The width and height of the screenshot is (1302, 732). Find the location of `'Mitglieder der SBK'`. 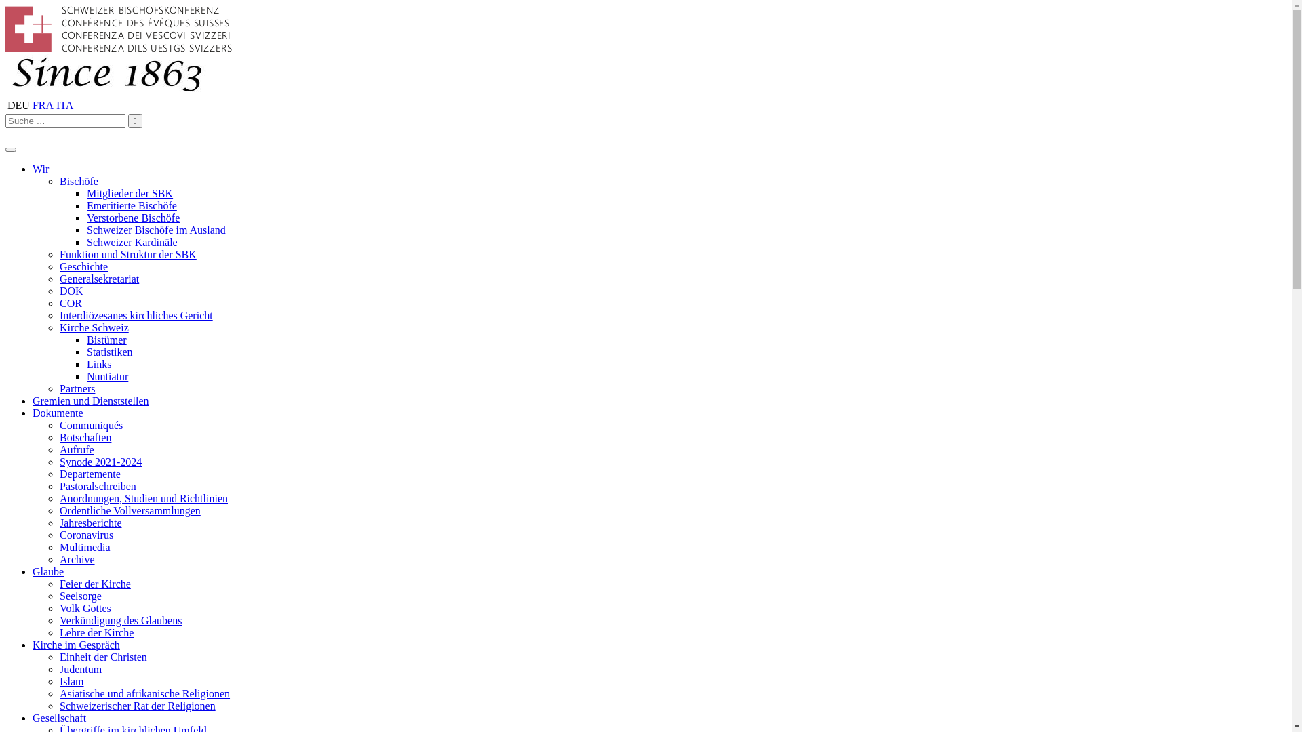

'Mitglieder der SBK' is located at coordinates (130, 193).